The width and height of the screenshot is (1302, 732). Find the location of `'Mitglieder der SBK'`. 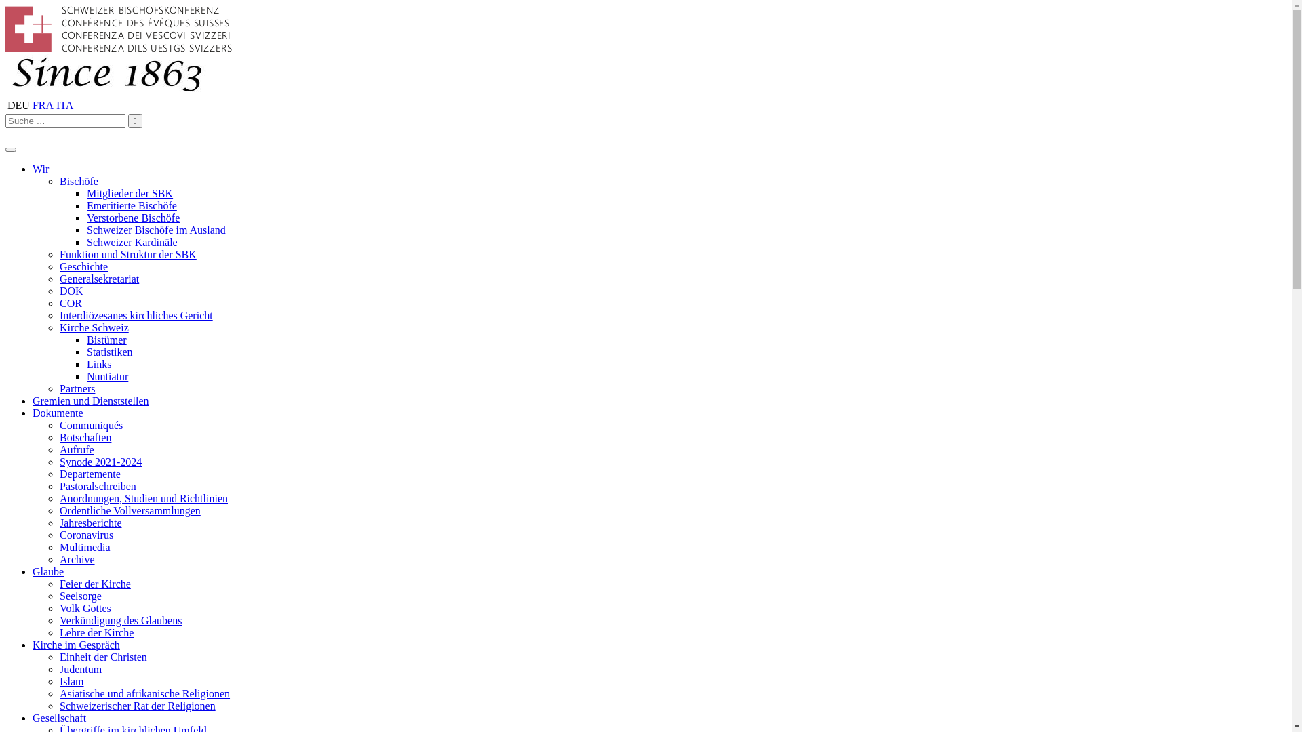

'Mitglieder der SBK' is located at coordinates (130, 193).